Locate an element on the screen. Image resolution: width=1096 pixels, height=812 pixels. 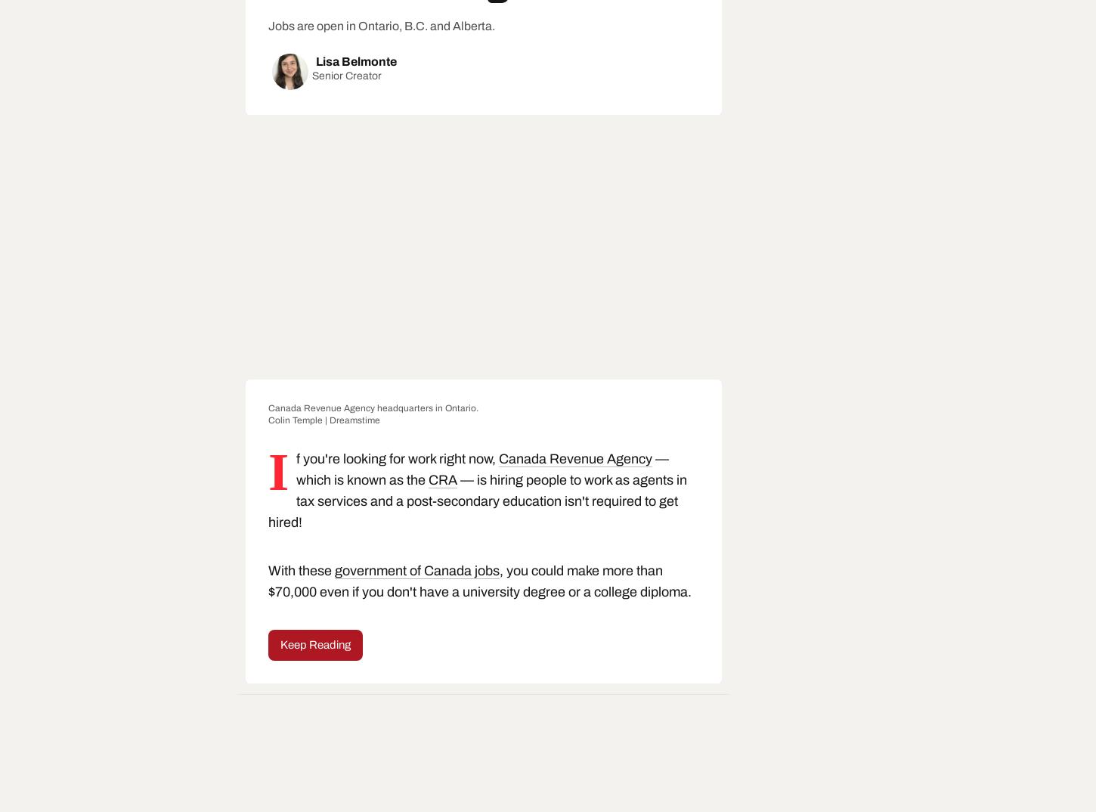
'— is hiring people to work as agents in tax services and a post-secondary education isn't required to get hired!' is located at coordinates (477, 500).